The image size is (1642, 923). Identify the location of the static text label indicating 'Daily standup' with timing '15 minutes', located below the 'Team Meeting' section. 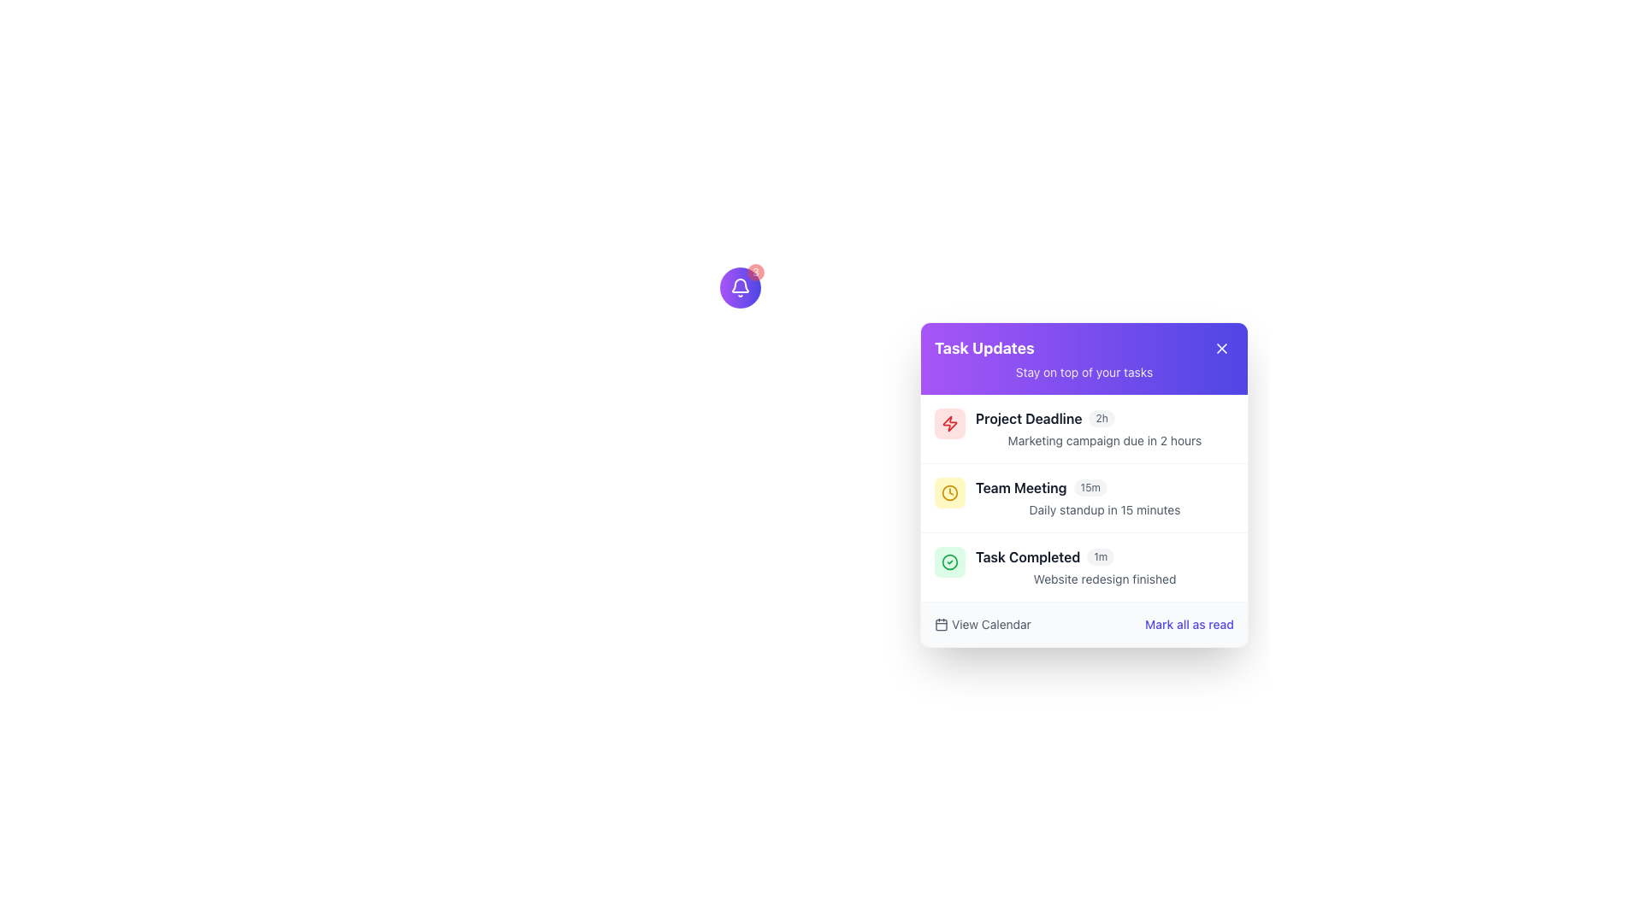
(1104, 509).